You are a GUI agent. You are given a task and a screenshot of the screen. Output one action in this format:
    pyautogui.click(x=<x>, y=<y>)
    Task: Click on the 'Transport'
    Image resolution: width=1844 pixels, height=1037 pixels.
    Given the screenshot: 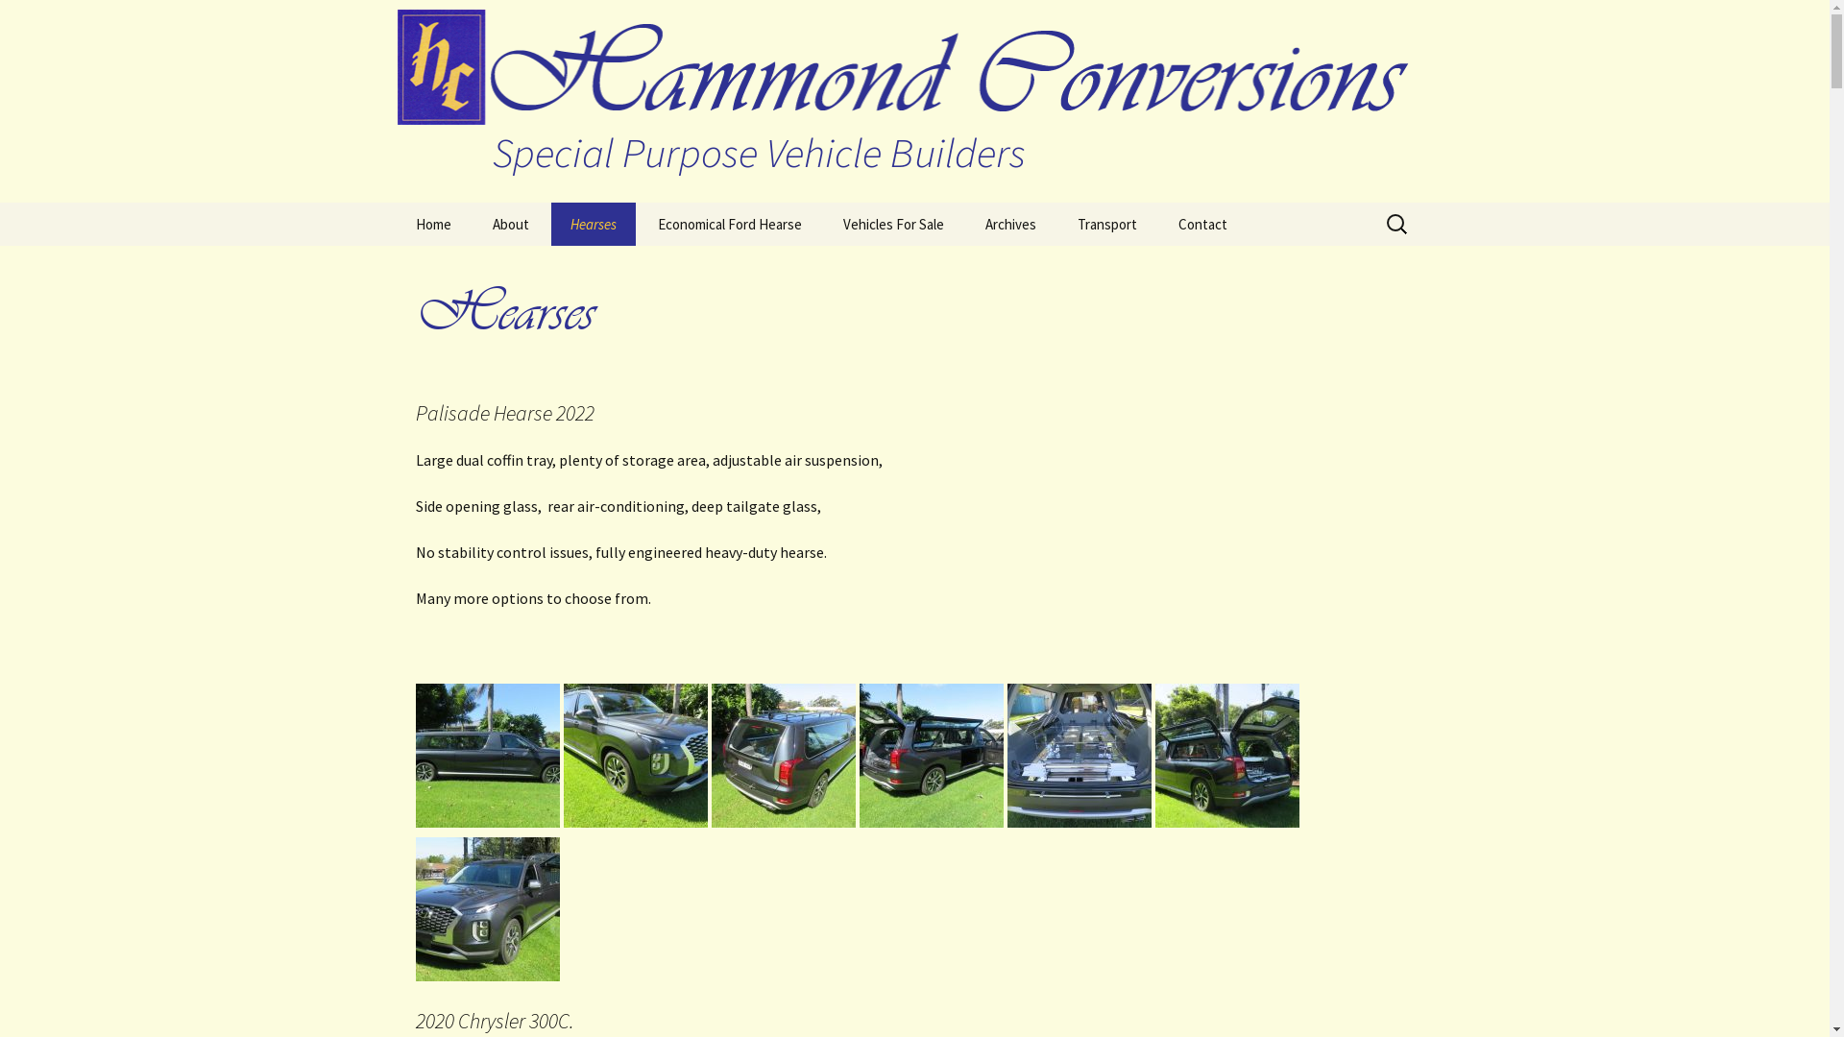 What is the action you would take?
    pyautogui.click(x=1057, y=223)
    